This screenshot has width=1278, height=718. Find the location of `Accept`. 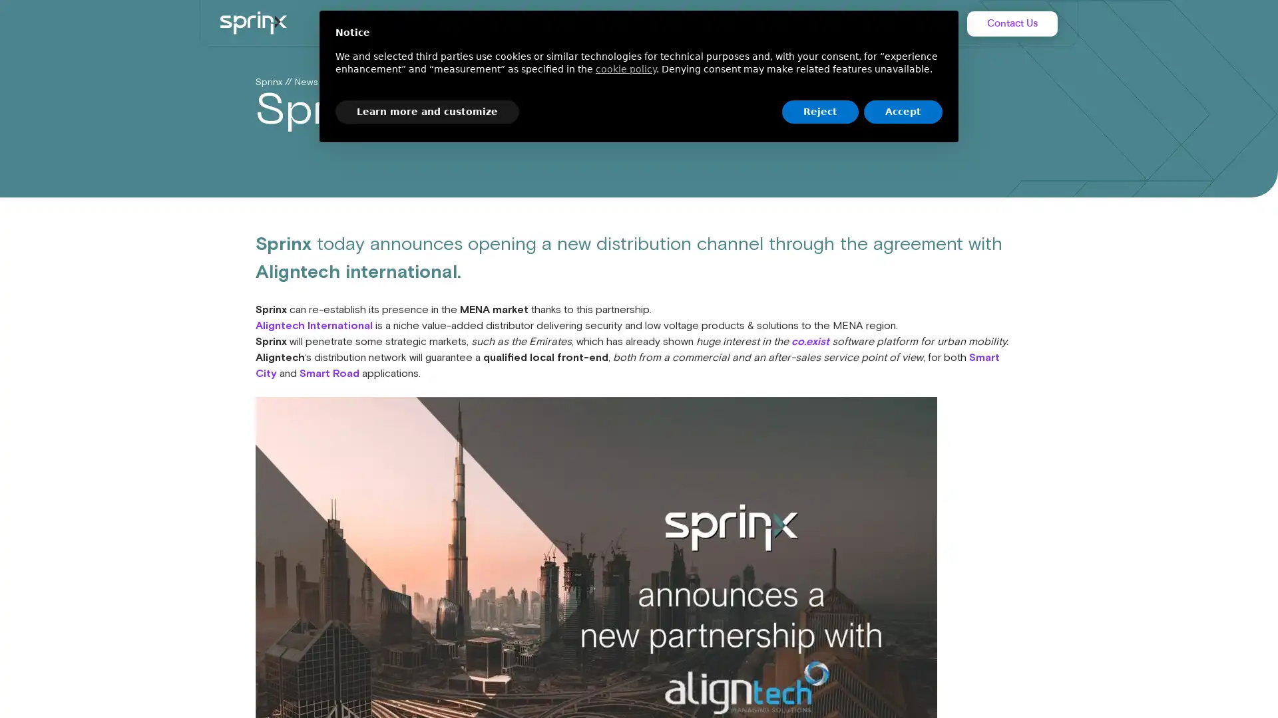

Accept is located at coordinates (903, 111).